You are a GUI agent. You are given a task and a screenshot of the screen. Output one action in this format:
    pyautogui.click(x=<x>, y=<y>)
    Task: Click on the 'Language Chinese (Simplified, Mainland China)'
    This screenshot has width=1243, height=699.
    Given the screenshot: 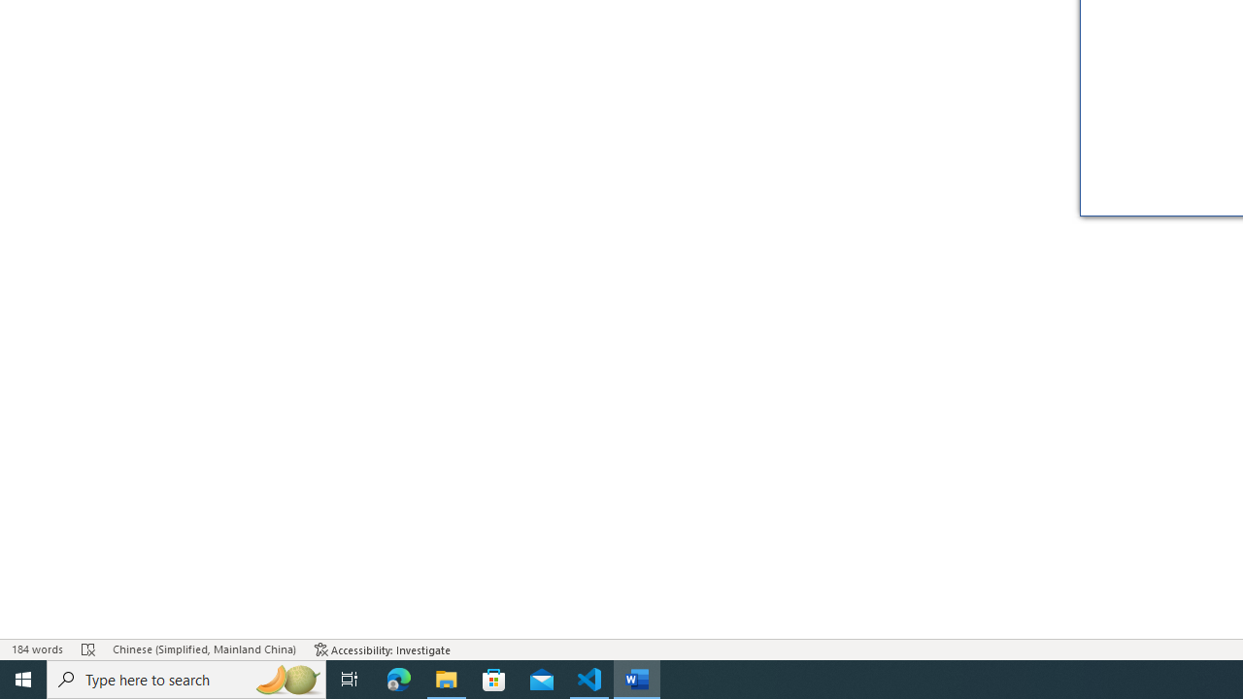 What is the action you would take?
    pyautogui.click(x=204, y=649)
    